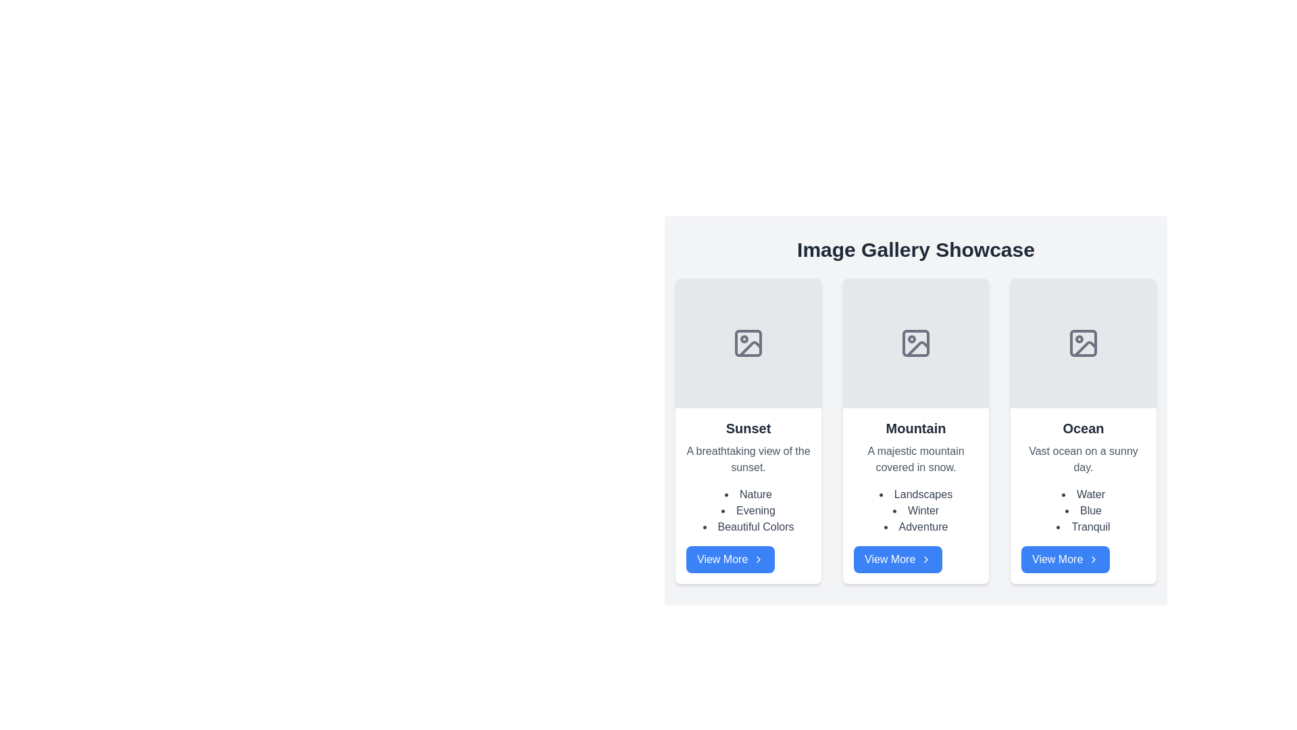 Image resolution: width=1297 pixels, height=730 pixels. What do you see at coordinates (1083, 511) in the screenshot?
I see `the second bullet point in the 'Ocean' card, which displays the text 'Vast ocean on a sunny day.'` at bounding box center [1083, 511].